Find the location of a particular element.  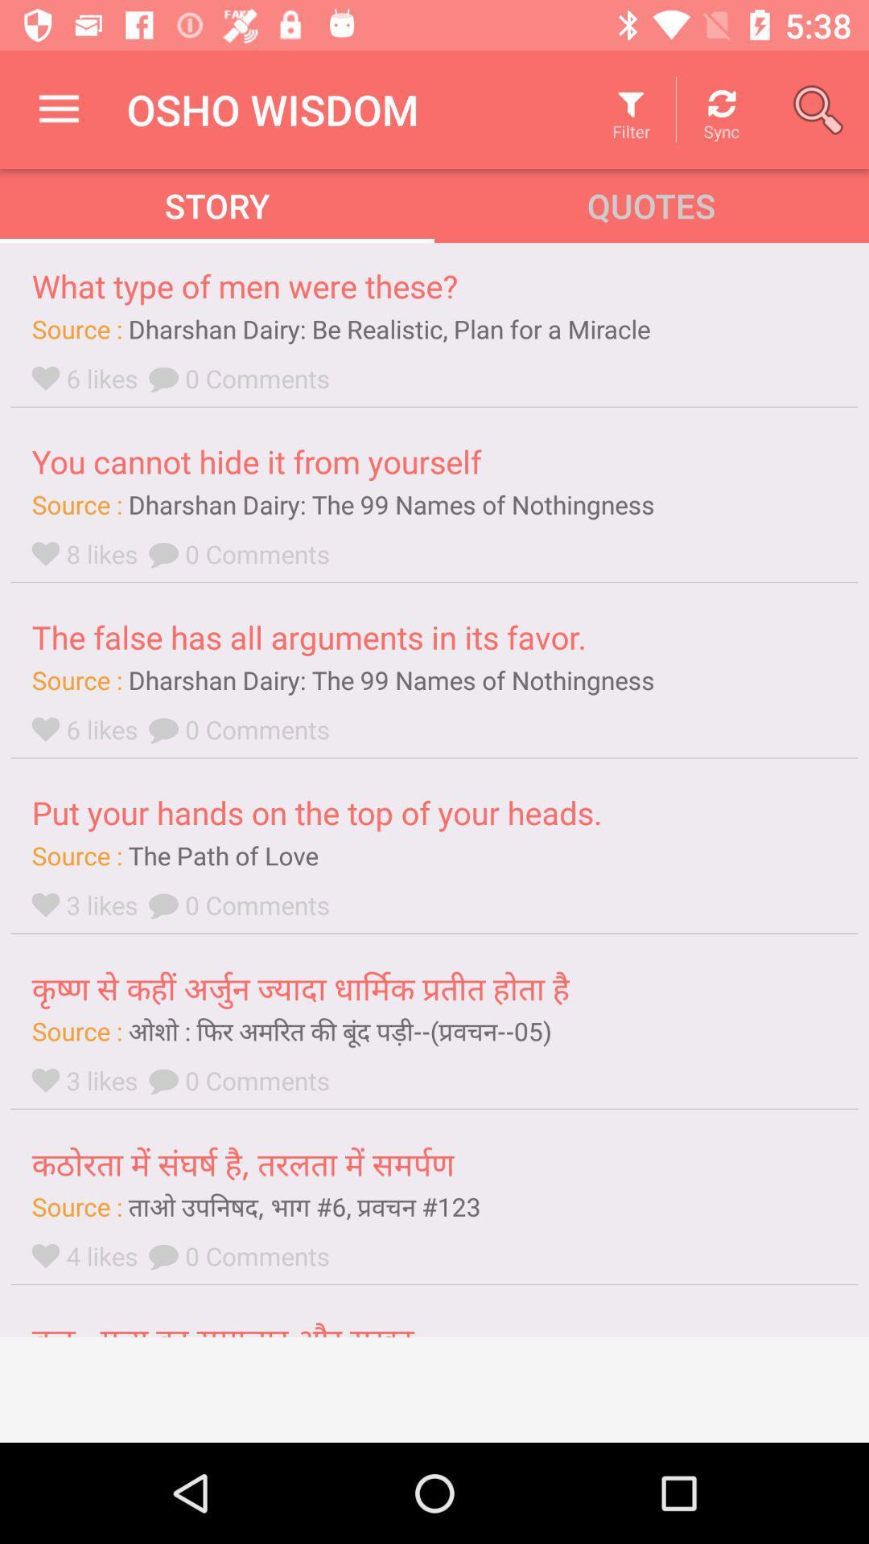

app to the left of osho wisdom item is located at coordinates (58, 109).